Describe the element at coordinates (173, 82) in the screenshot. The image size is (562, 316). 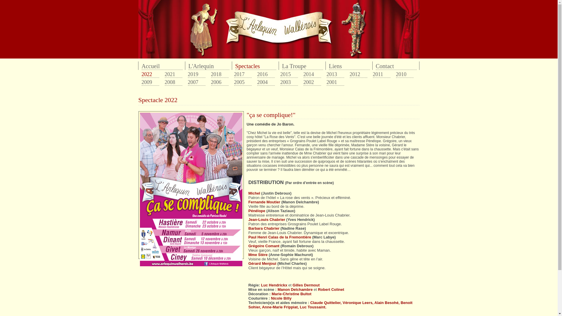
I see `'2008'` at that location.